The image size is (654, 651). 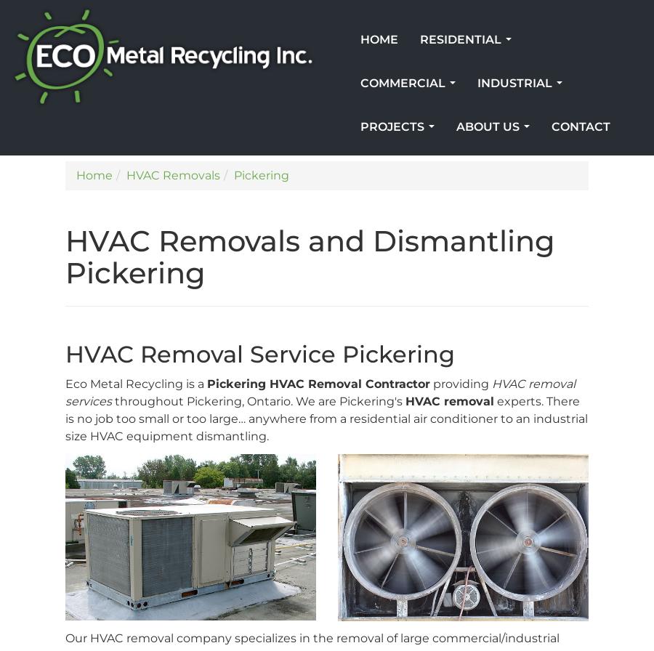 I want to click on 'Contact', so click(x=581, y=126).